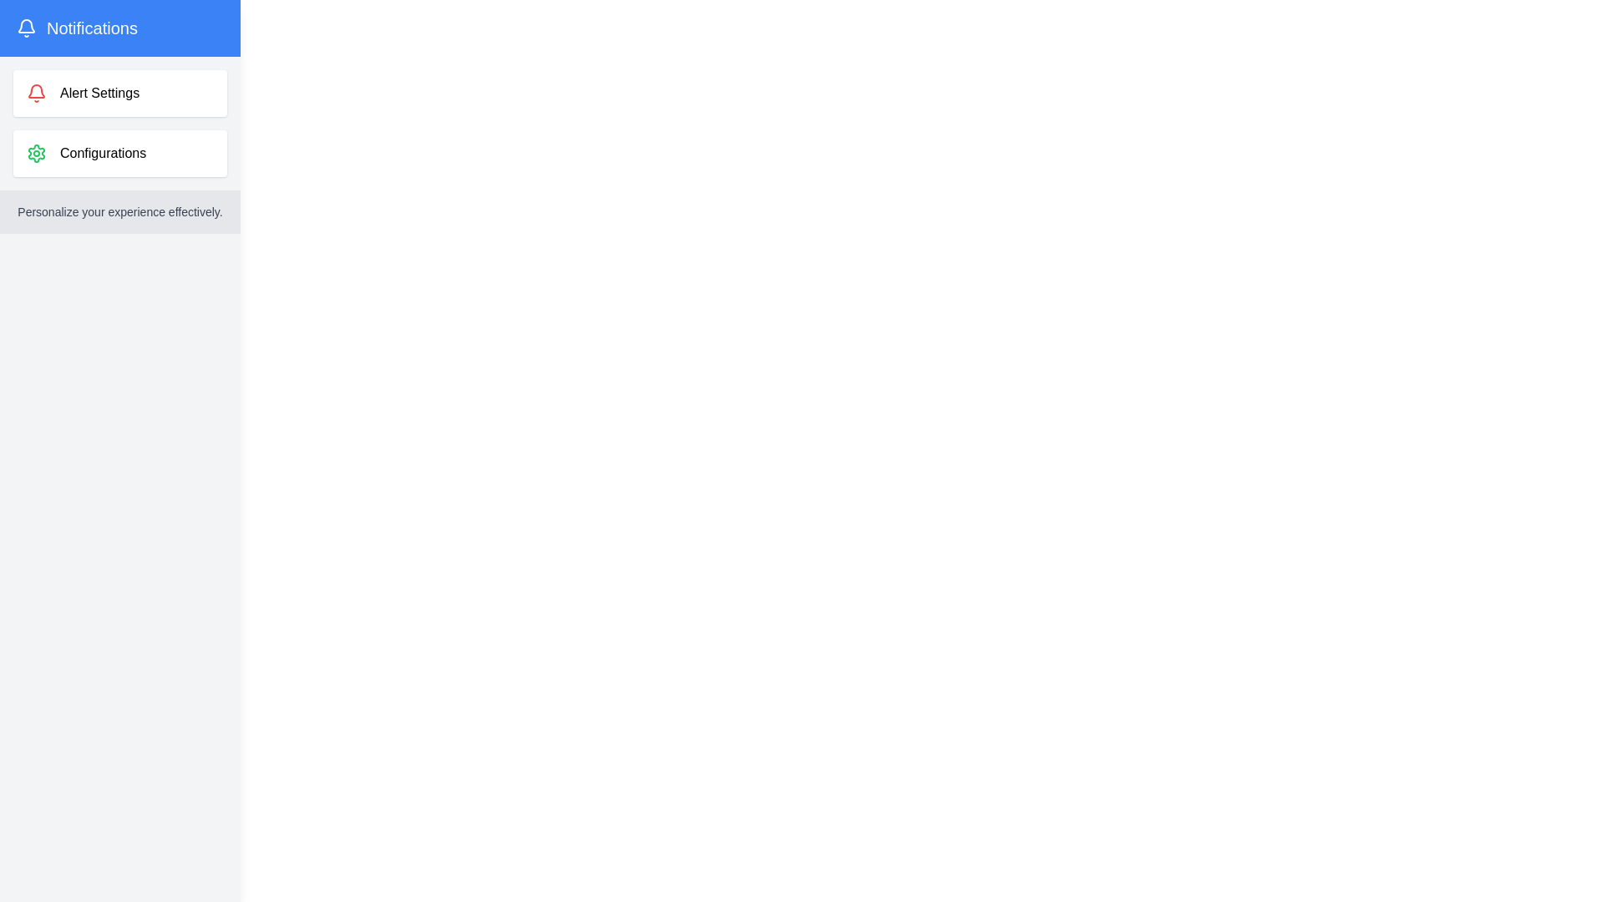 This screenshot has height=902, width=1604. What do you see at coordinates (119, 93) in the screenshot?
I see `the 'Alert Settings' section` at bounding box center [119, 93].